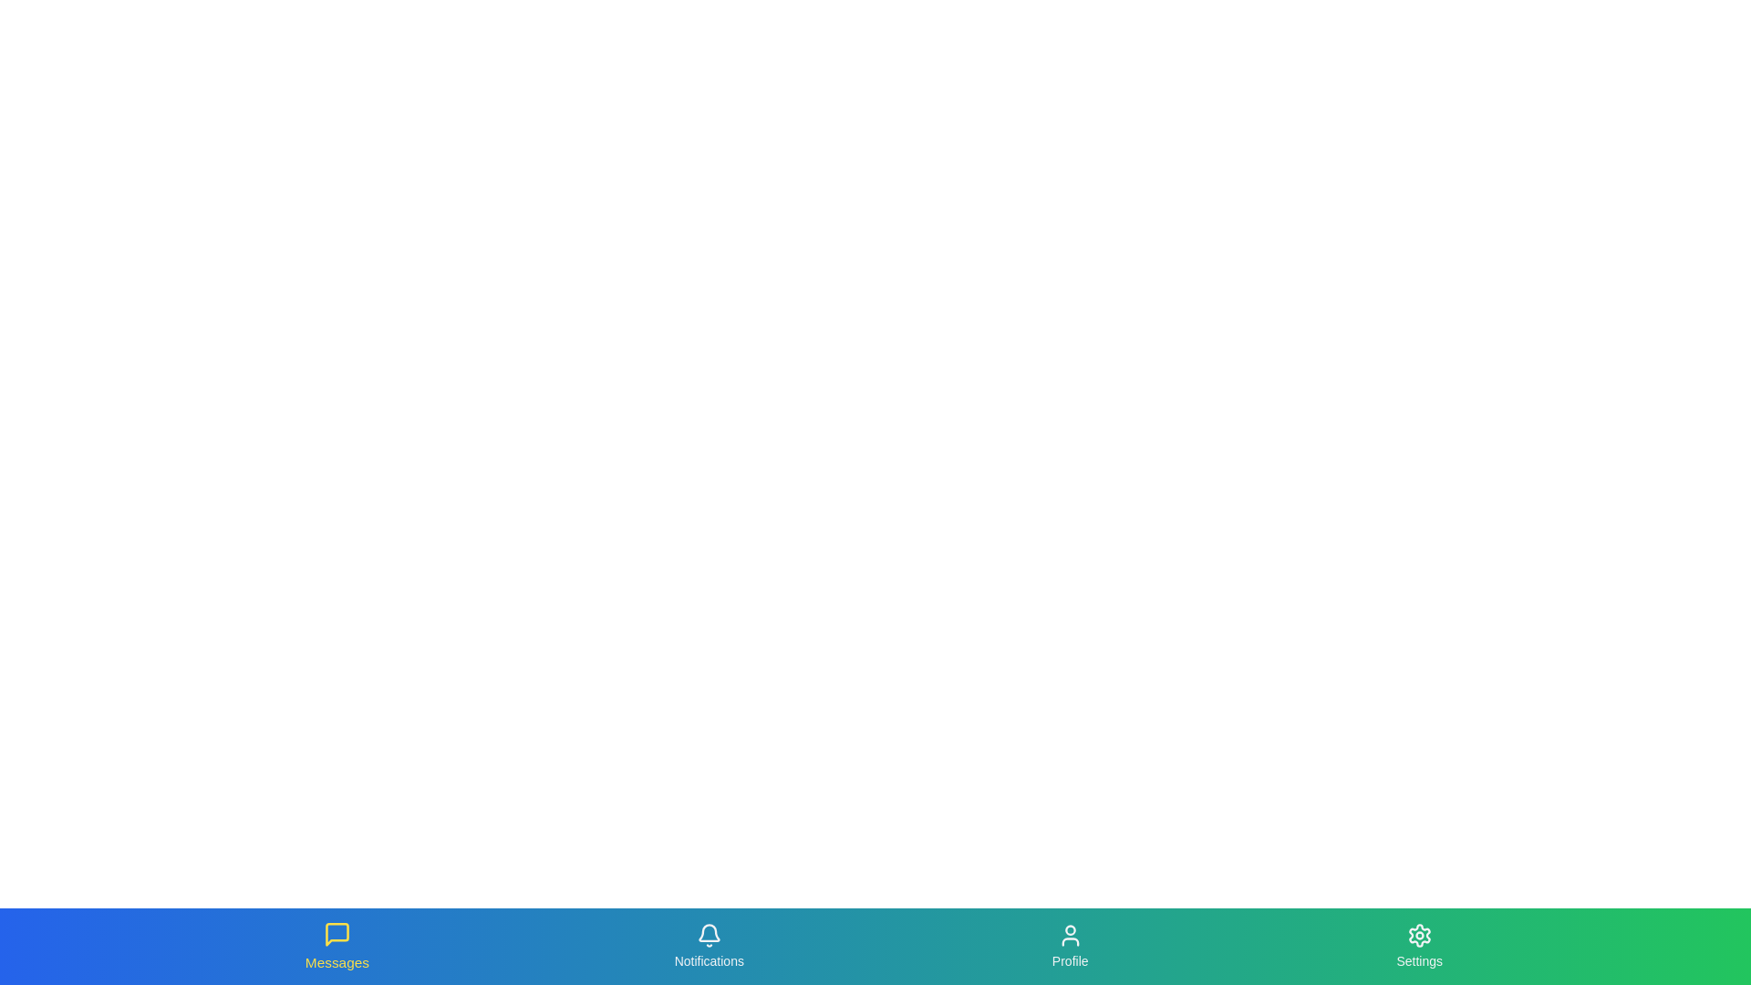 This screenshot has width=1751, height=985. Describe the element at coordinates (1069, 945) in the screenshot. I see `the Profile tab to interact with it` at that location.